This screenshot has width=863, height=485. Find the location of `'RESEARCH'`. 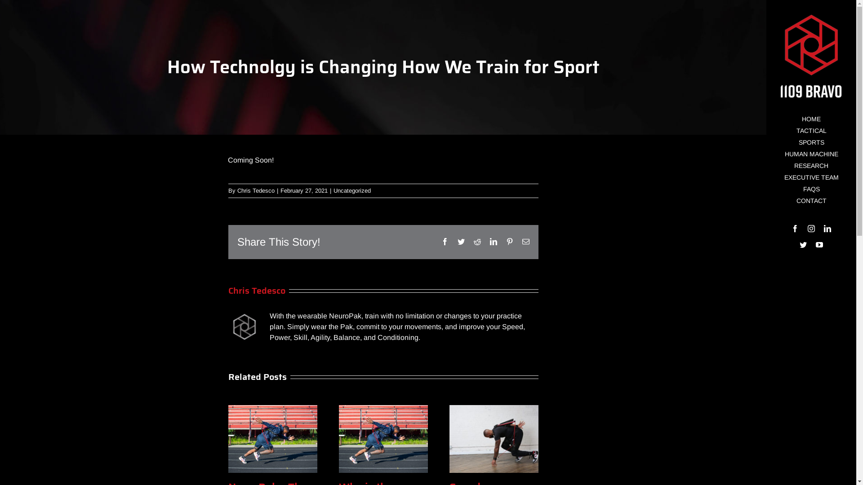

'RESEARCH' is located at coordinates (765, 166).